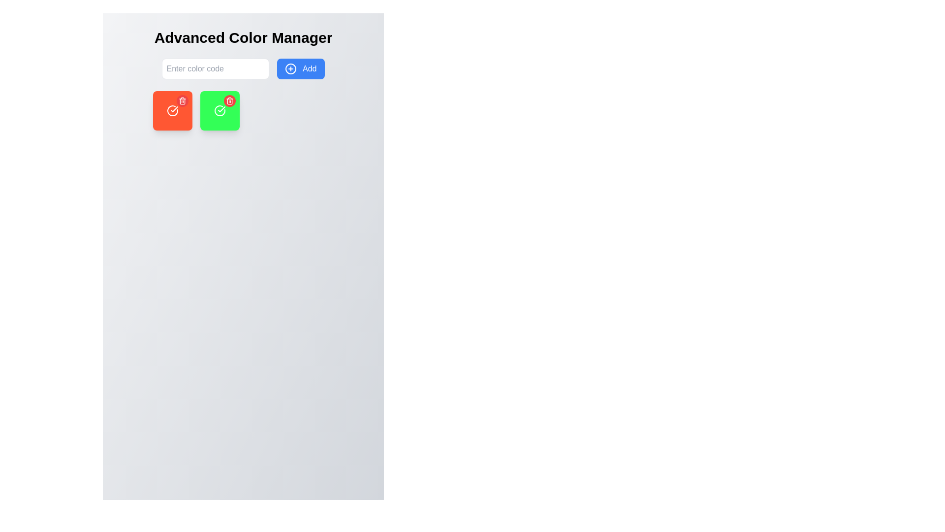 The image size is (945, 532). Describe the element at coordinates (172, 110) in the screenshot. I see `the circular checkmark icon with a white stroke on a green background to confirm` at that location.